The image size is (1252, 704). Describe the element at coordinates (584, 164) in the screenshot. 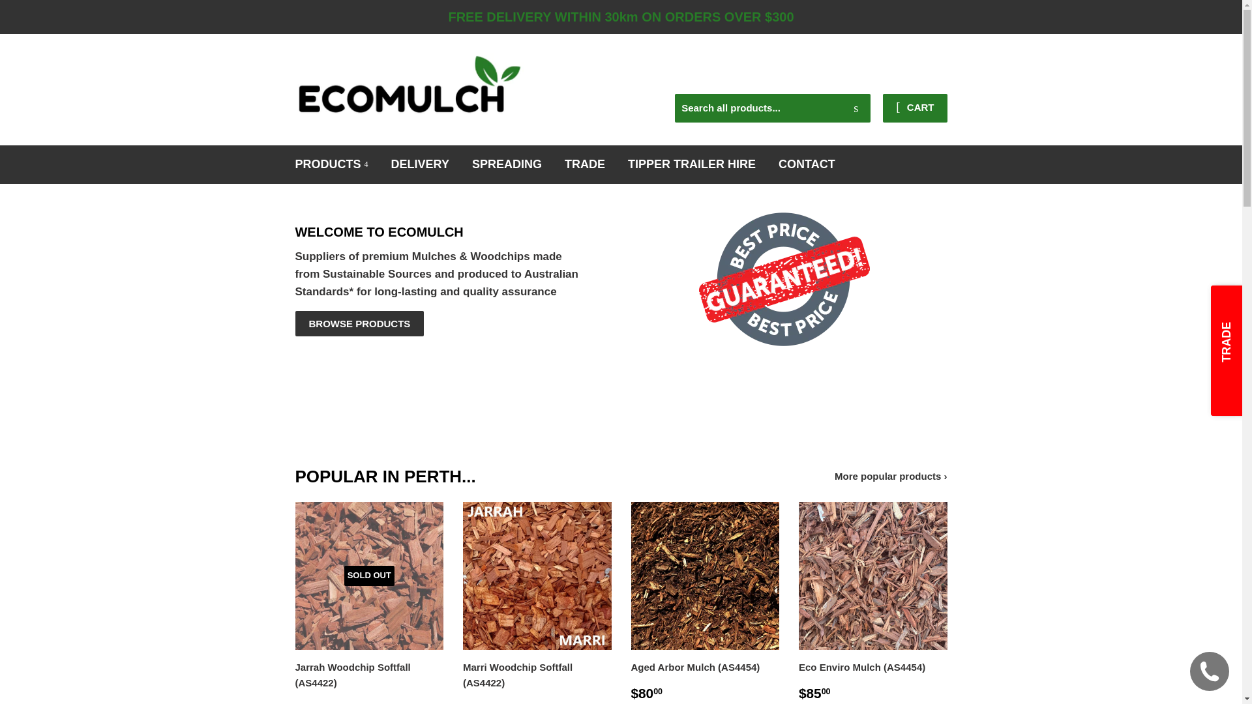

I see `'TRADE'` at that location.